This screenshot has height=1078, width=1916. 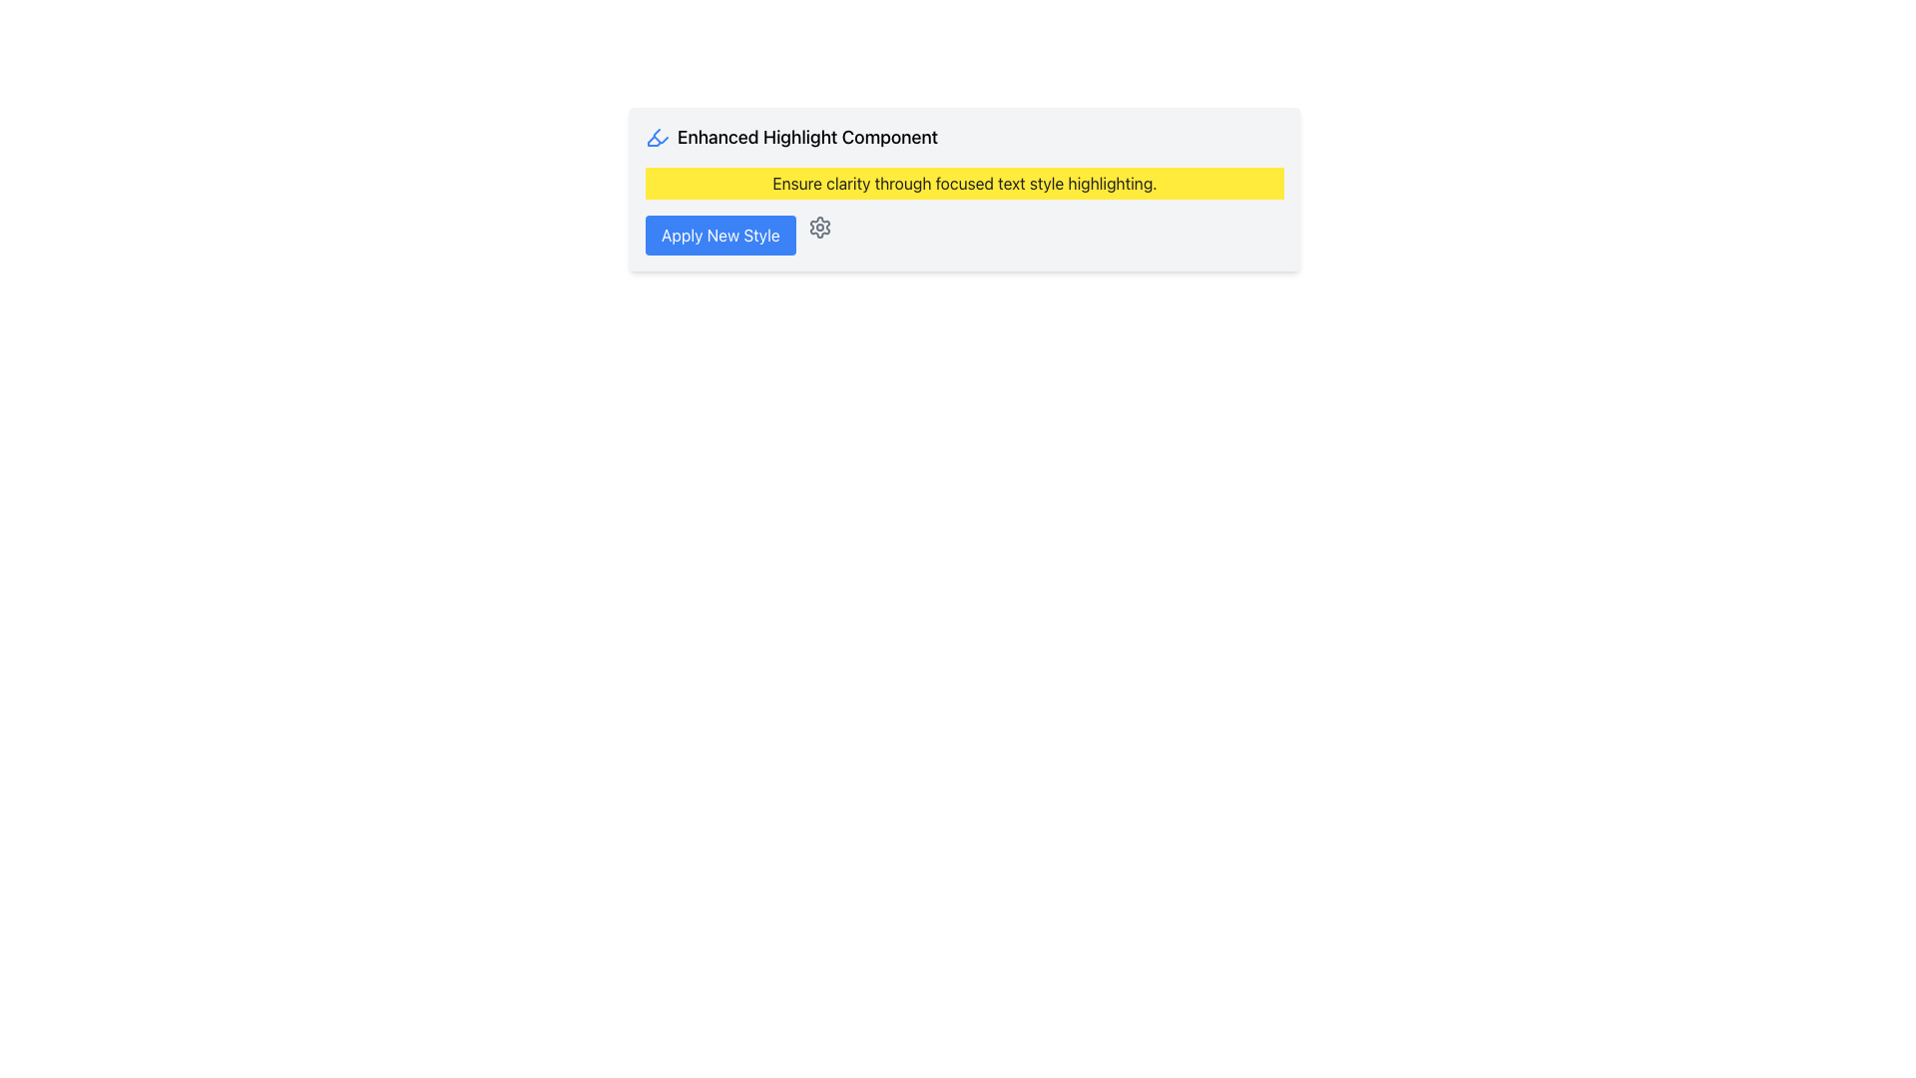 I want to click on the 'Apply New Style' button located near the bottom-left of the 'Enhanced Highlight Component' box to initiate the styling update, so click(x=718, y=234).